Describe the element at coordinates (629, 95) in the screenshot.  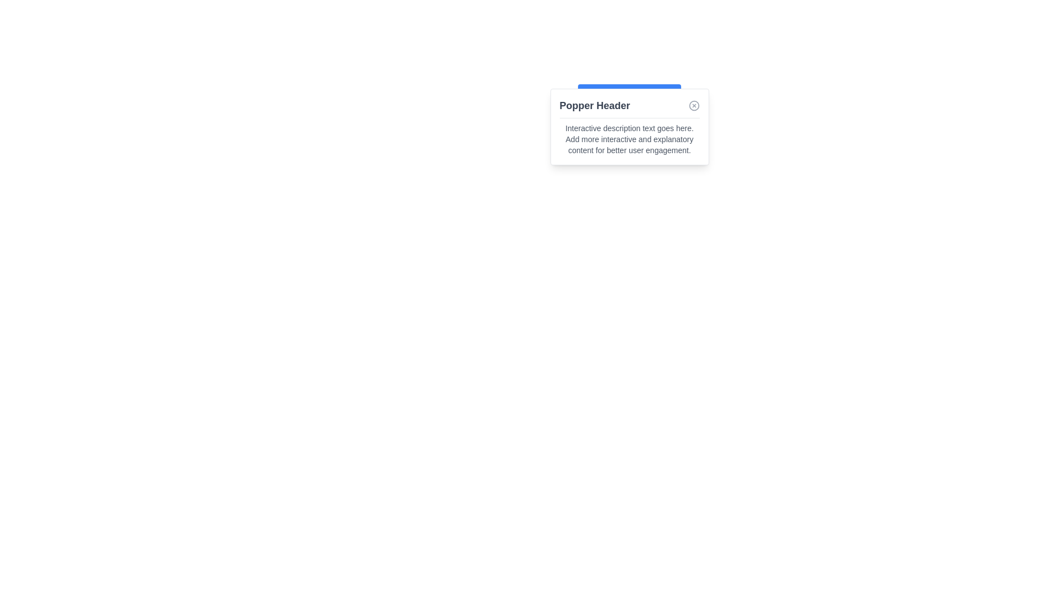
I see `the blue rectangular button labeled 'Toggle Popper' to initiate a hover effect` at that location.